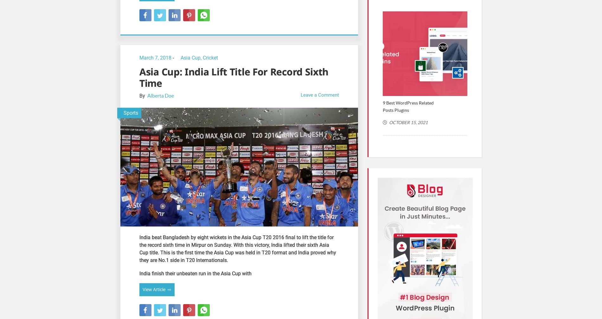 The width and height of the screenshot is (602, 319). I want to click on ',', so click(202, 57).